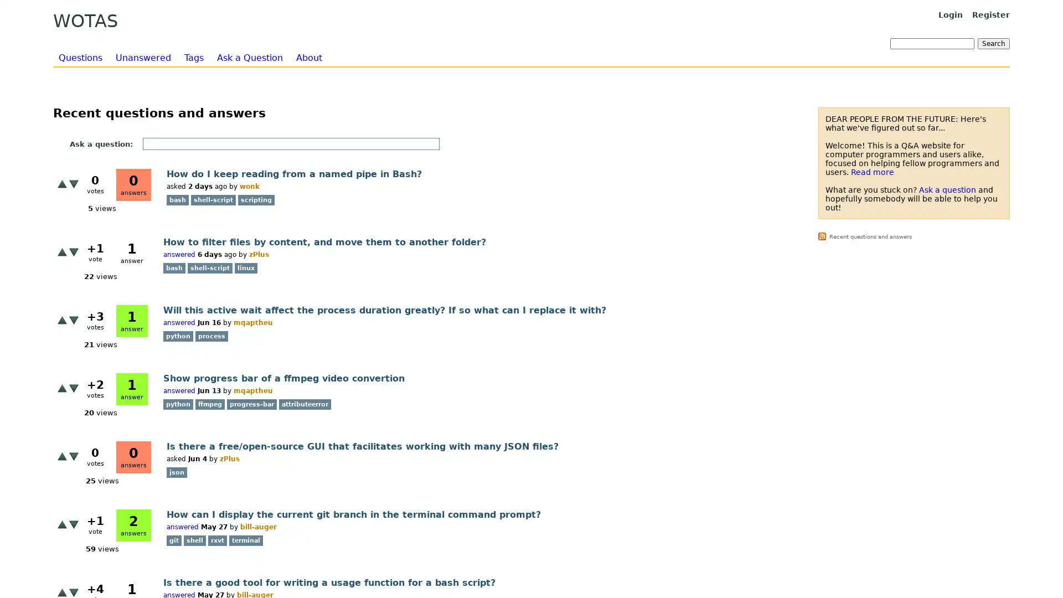  What do you see at coordinates (61, 252) in the screenshot?
I see `+` at bounding box center [61, 252].